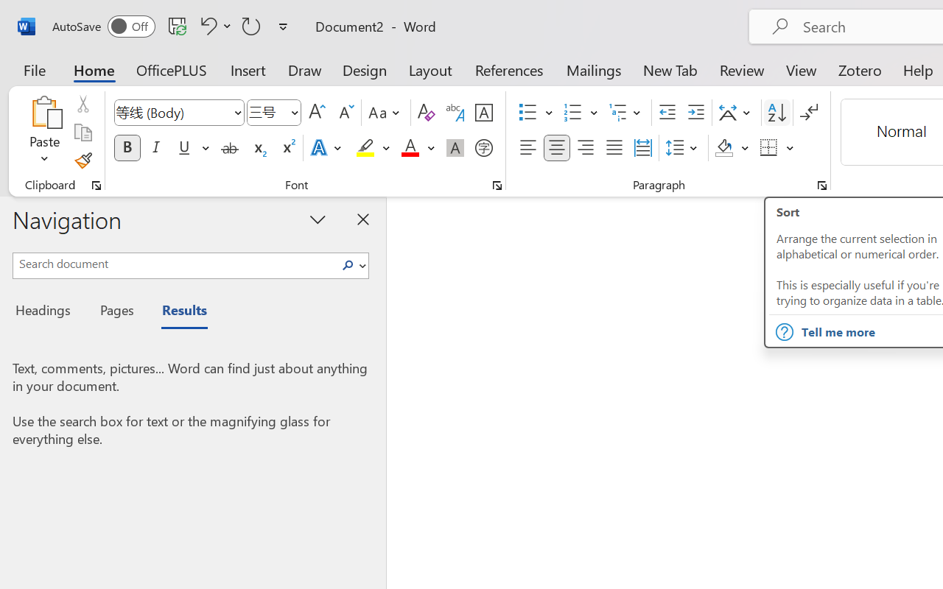 This screenshot has width=943, height=589. I want to click on 'New Tab', so click(670, 69).